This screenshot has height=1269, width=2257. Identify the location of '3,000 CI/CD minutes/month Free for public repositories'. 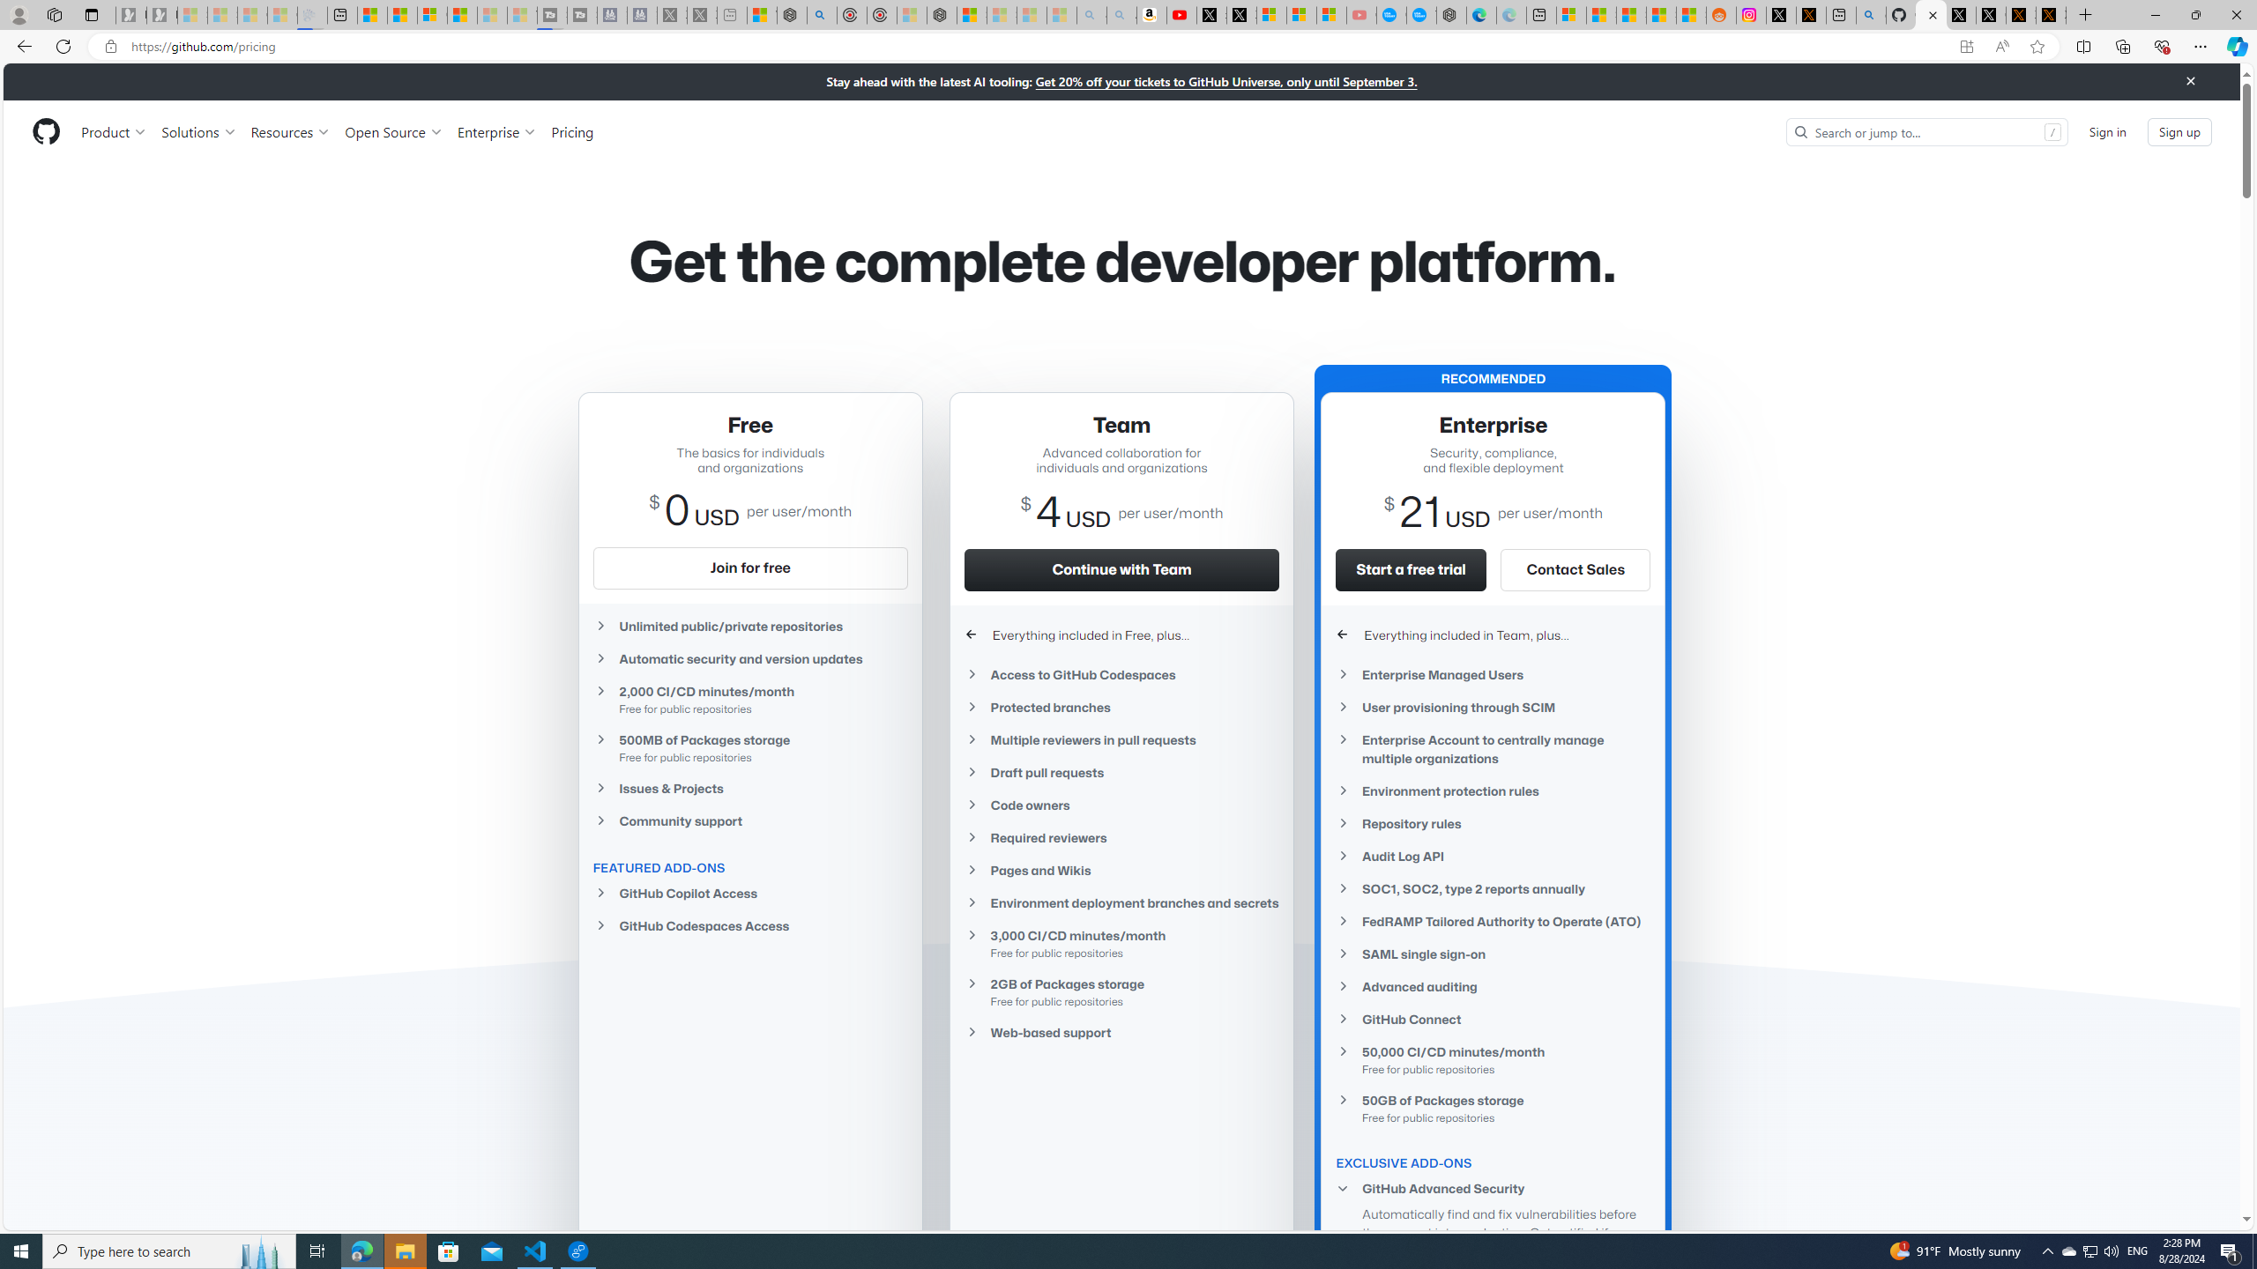
(1121, 942).